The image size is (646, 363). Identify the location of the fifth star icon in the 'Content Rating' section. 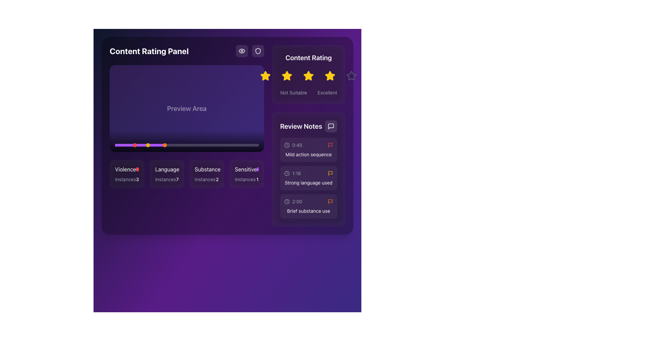
(351, 76).